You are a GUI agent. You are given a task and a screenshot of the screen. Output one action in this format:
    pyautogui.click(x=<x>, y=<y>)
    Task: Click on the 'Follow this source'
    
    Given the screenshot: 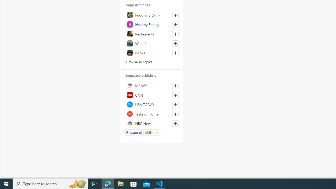 What is the action you would take?
    pyautogui.click(x=175, y=123)
    